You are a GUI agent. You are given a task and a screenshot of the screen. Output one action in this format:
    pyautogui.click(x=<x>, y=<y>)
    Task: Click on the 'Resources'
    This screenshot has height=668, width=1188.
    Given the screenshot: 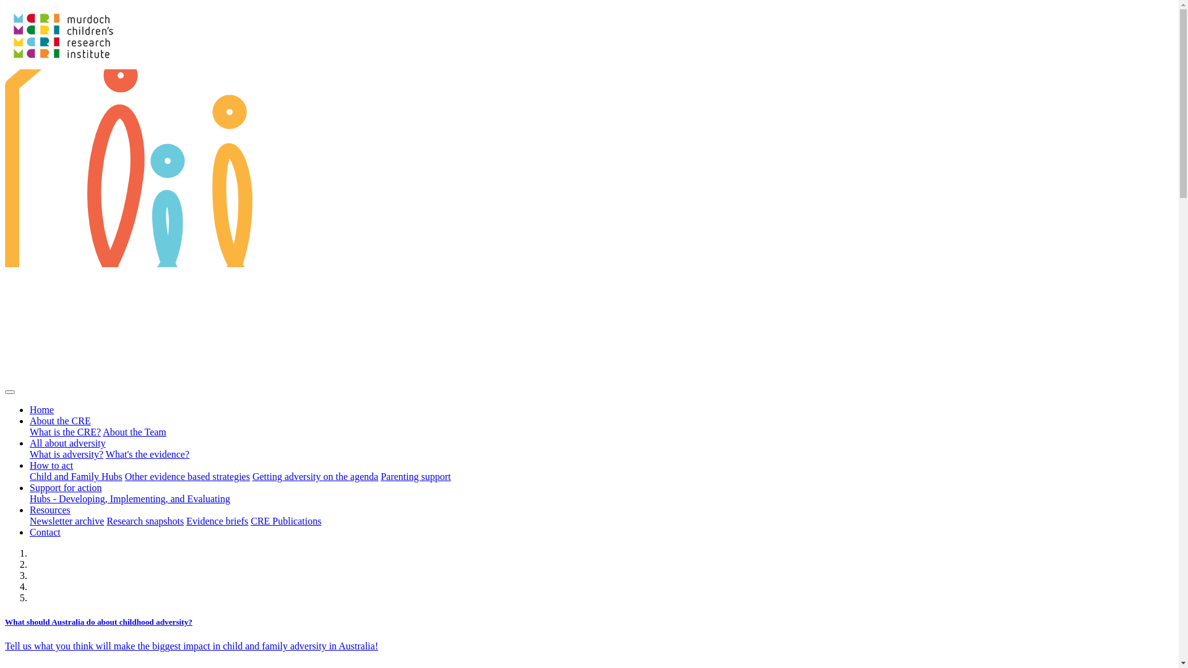 What is the action you would take?
    pyautogui.click(x=49, y=510)
    